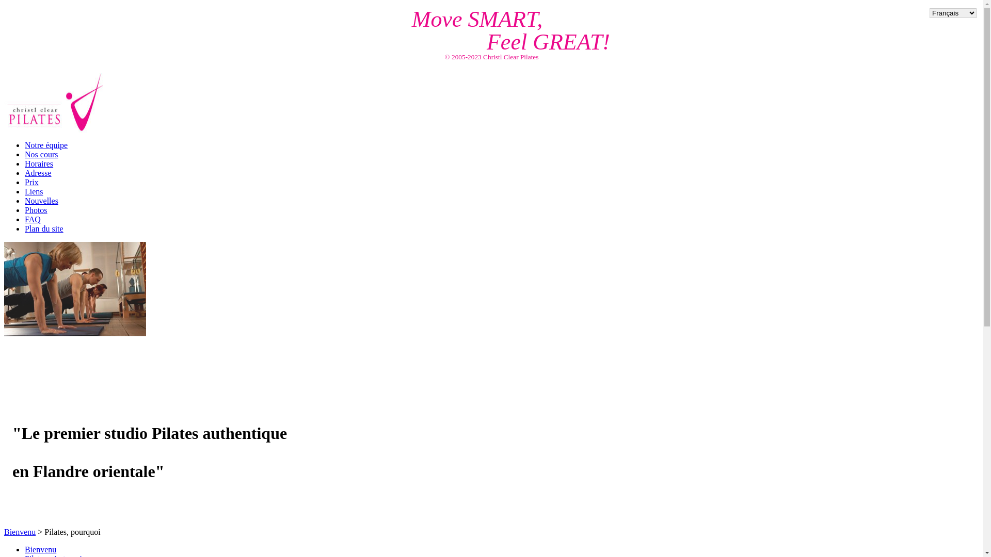 Image resolution: width=991 pixels, height=557 pixels. Describe the element at coordinates (25, 219) in the screenshot. I see `'FAQ'` at that location.